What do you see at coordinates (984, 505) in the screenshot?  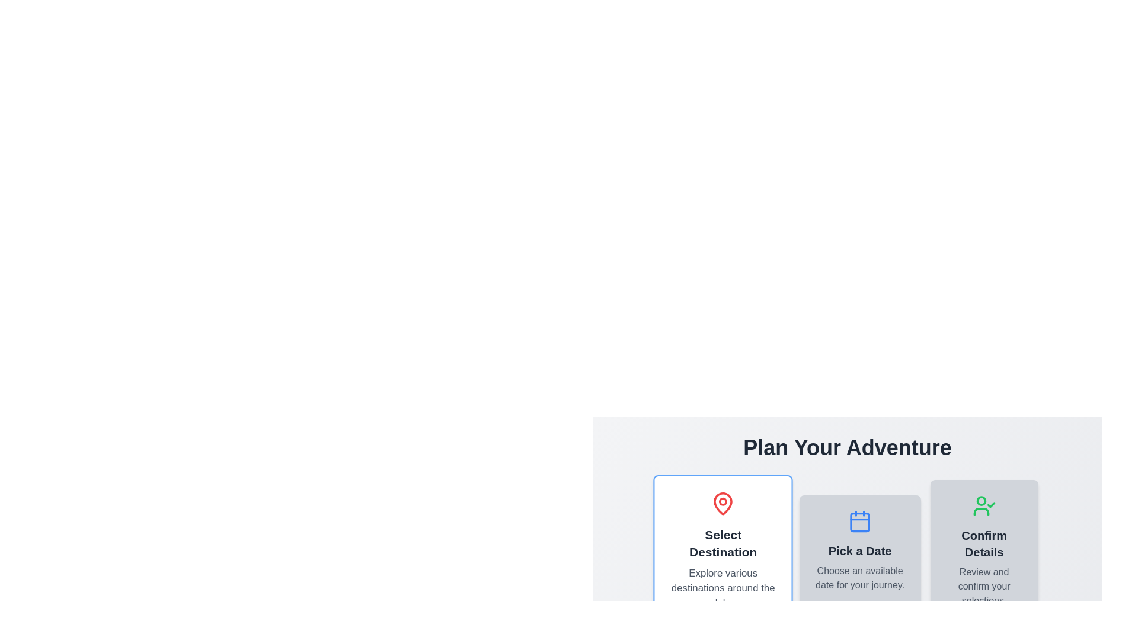 I see `the user icon with a green outline and a checkmark in the 'Confirm Details' section, located above the text 'Confirm Details'` at bounding box center [984, 505].